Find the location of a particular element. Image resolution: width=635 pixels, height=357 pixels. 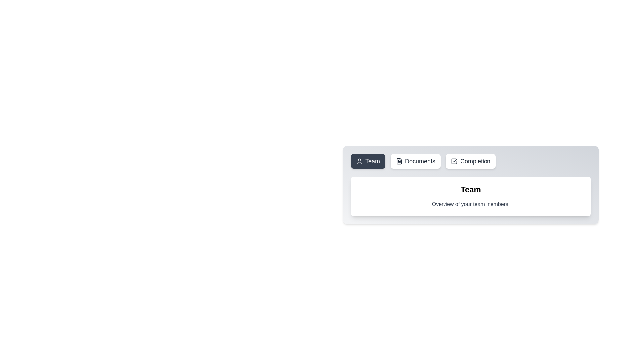

the 'Documents' button in the navigation bar, which includes a decorative 'Documents' icon and is positioned centrally among three buttons: 'Team', 'Documents', and 'Completion' is located at coordinates (399, 161).